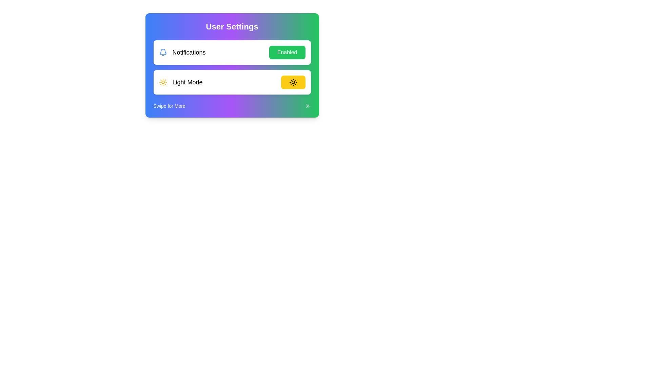 Image resolution: width=651 pixels, height=366 pixels. Describe the element at coordinates (293, 82) in the screenshot. I see `the button to toggle the theme between light and dark modes` at that location.